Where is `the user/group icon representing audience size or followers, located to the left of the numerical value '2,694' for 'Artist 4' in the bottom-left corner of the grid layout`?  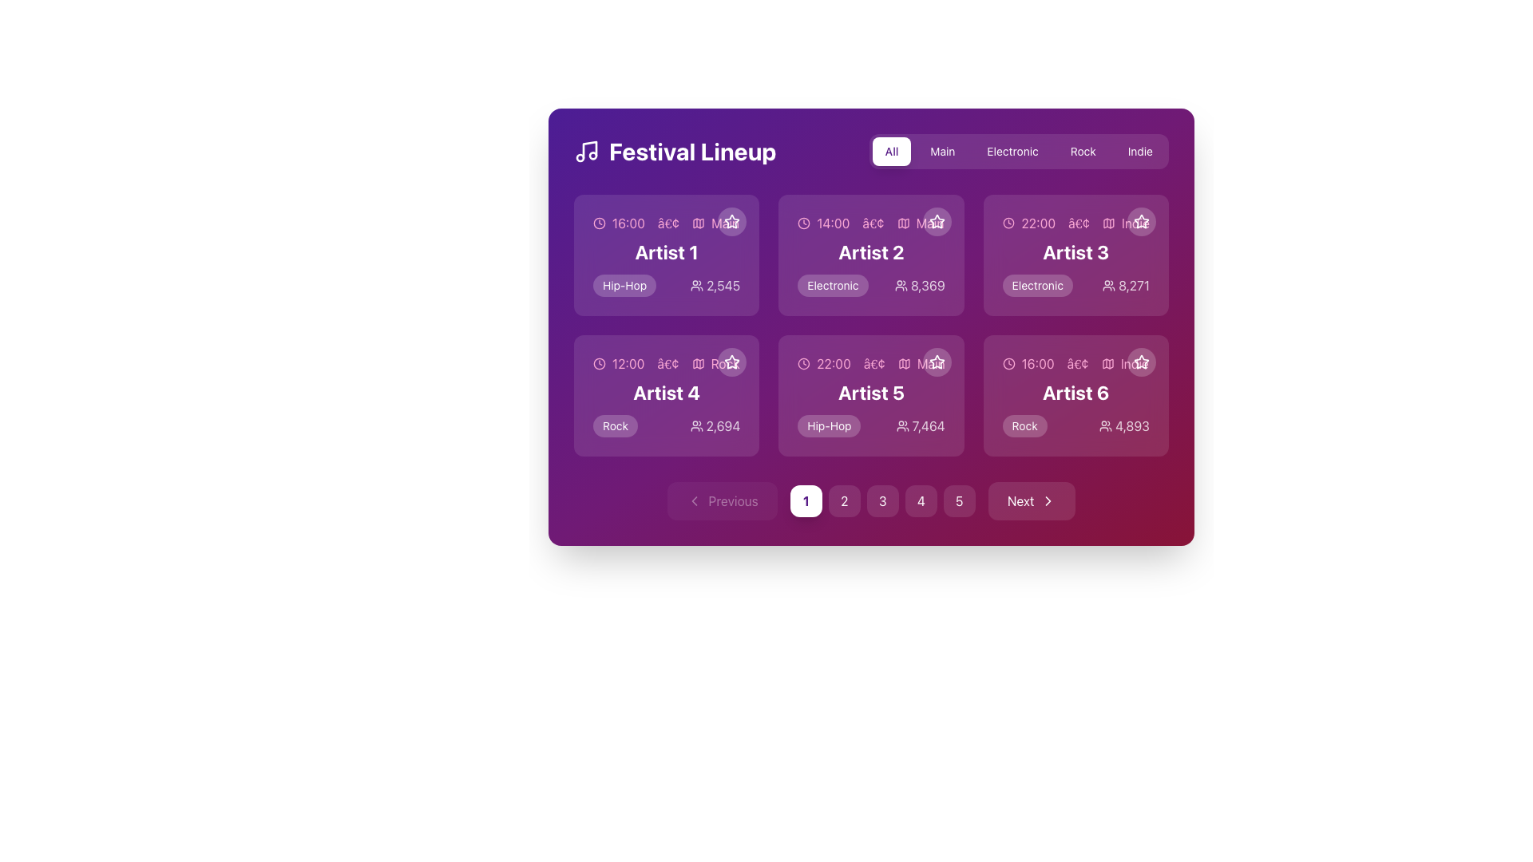 the user/group icon representing audience size or followers, located to the left of the numerical value '2,694' for 'Artist 4' in the bottom-left corner of the grid layout is located at coordinates (696, 425).